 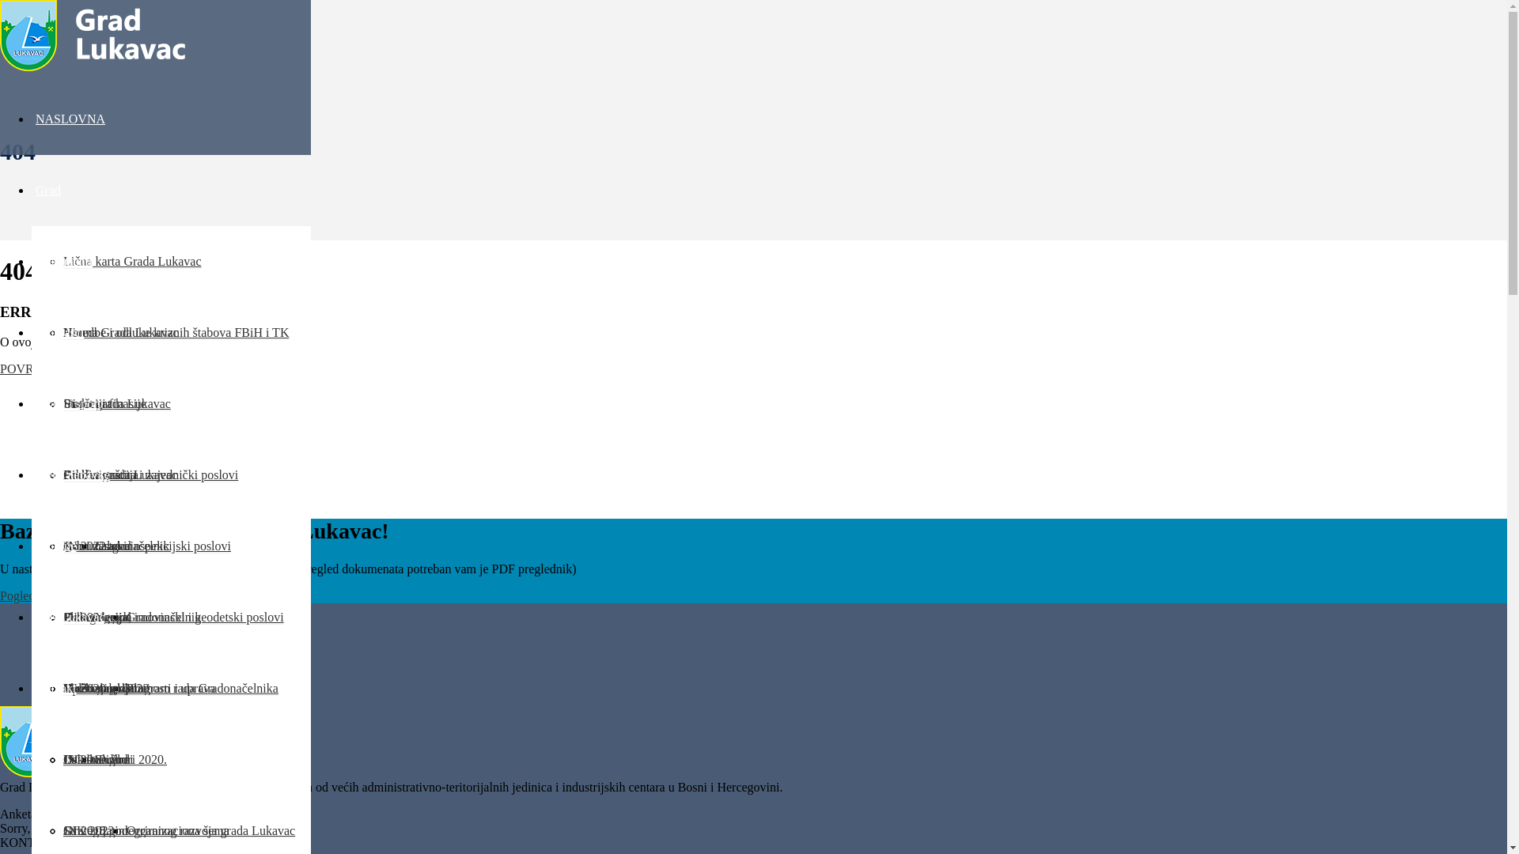 What do you see at coordinates (63, 758) in the screenshot?
I see `'Lokalni izbori 2020.'` at bounding box center [63, 758].